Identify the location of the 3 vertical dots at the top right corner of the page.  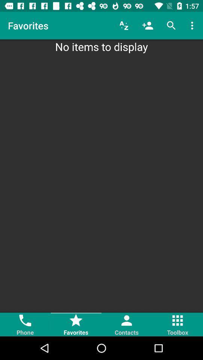
(193, 25).